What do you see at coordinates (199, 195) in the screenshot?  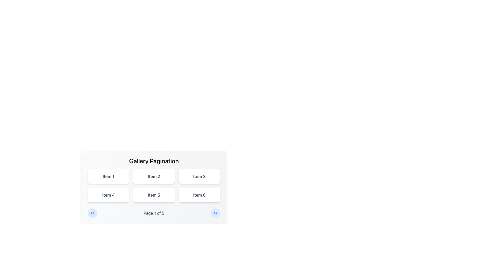 I see `the button located in the second row, third column of the grid layout, which serves as an item label or button for navigation or selection` at bounding box center [199, 195].